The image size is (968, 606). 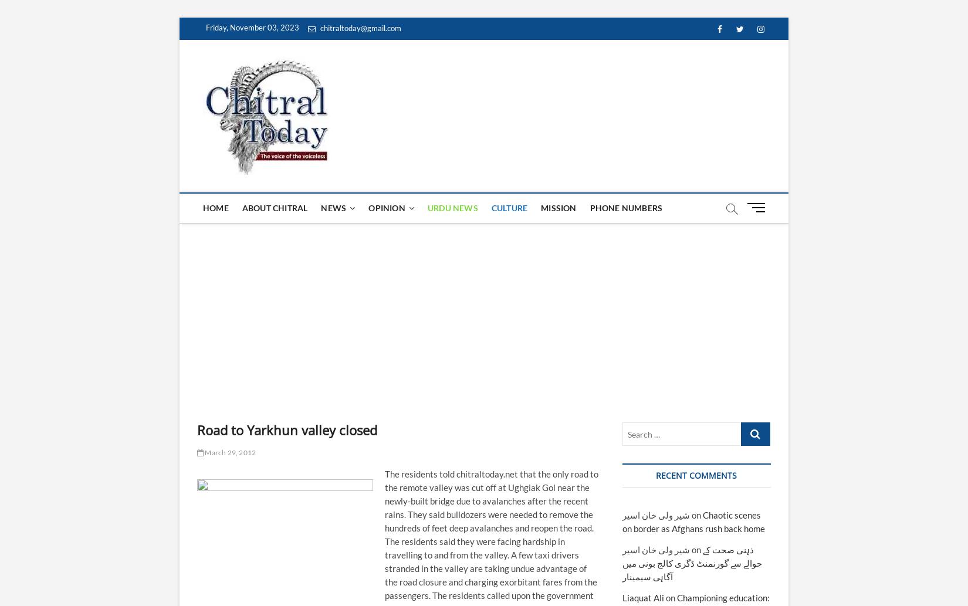 What do you see at coordinates (621, 520) in the screenshot?
I see `'Chaotic scenes on border as Afghans rush back home'` at bounding box center [621, 520].